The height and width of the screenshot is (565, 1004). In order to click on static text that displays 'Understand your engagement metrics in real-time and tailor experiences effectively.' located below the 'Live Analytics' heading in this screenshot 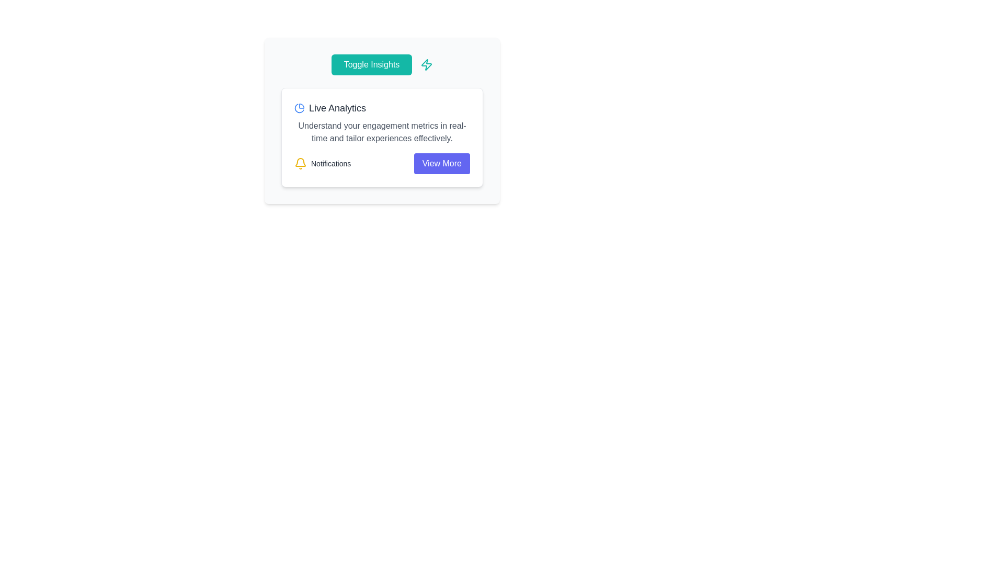, I will do `click(381, 132)`.